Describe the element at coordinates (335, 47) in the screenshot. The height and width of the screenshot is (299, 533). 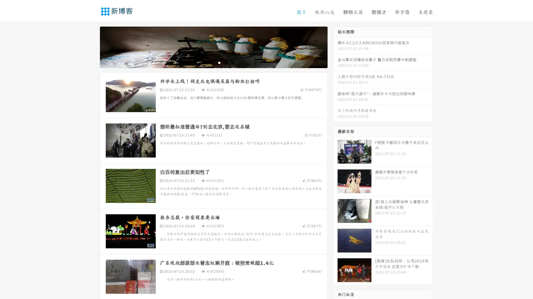
I see `Next slide` at that location.